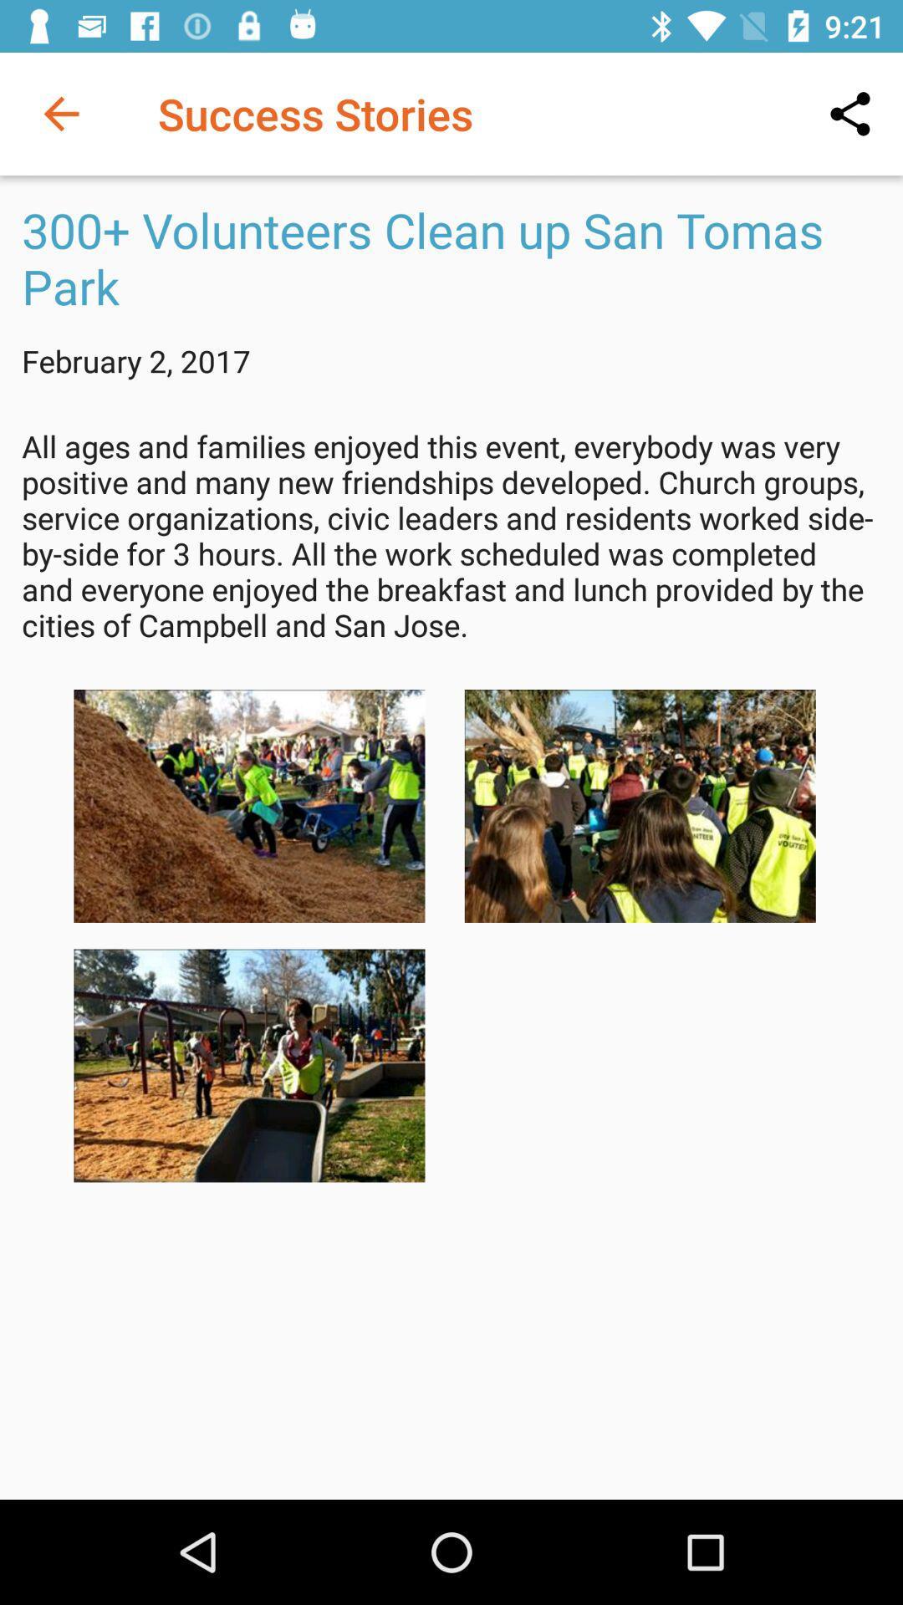 The width and height of the screenshot is (903, 1605). I want to click on image, so click(640, 806).